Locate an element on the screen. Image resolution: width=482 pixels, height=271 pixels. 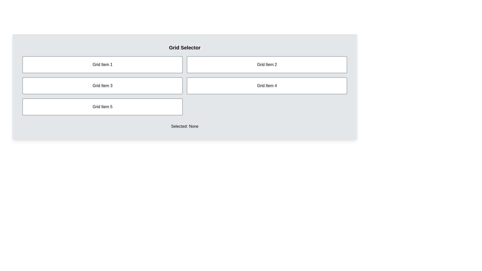
the text label displaying 'Grid Item 5' is located at coordinates (102, 106).